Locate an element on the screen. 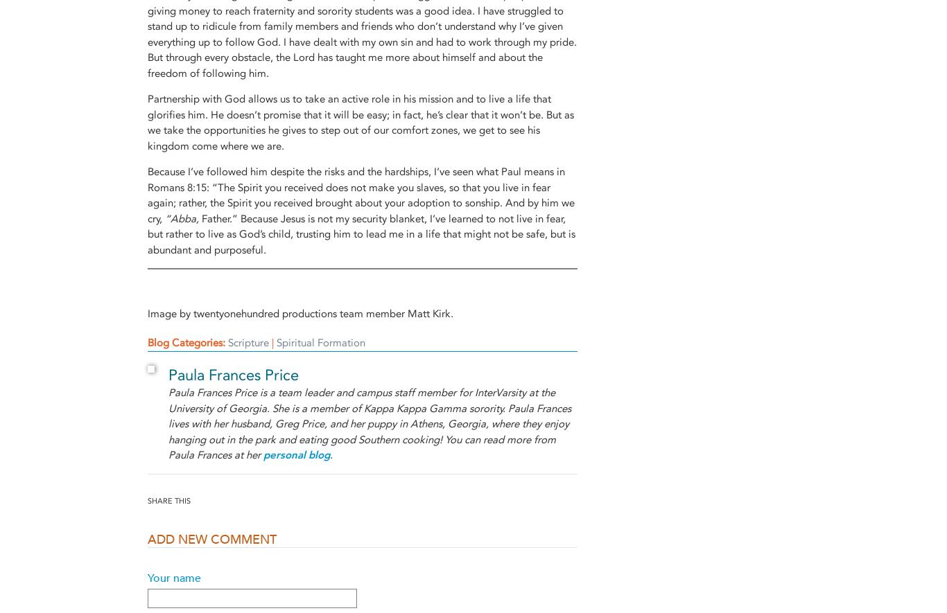 Image resolution: width=947 pixels, height=613 pixels. 'personal blog' is located at coordinates (295, 455).